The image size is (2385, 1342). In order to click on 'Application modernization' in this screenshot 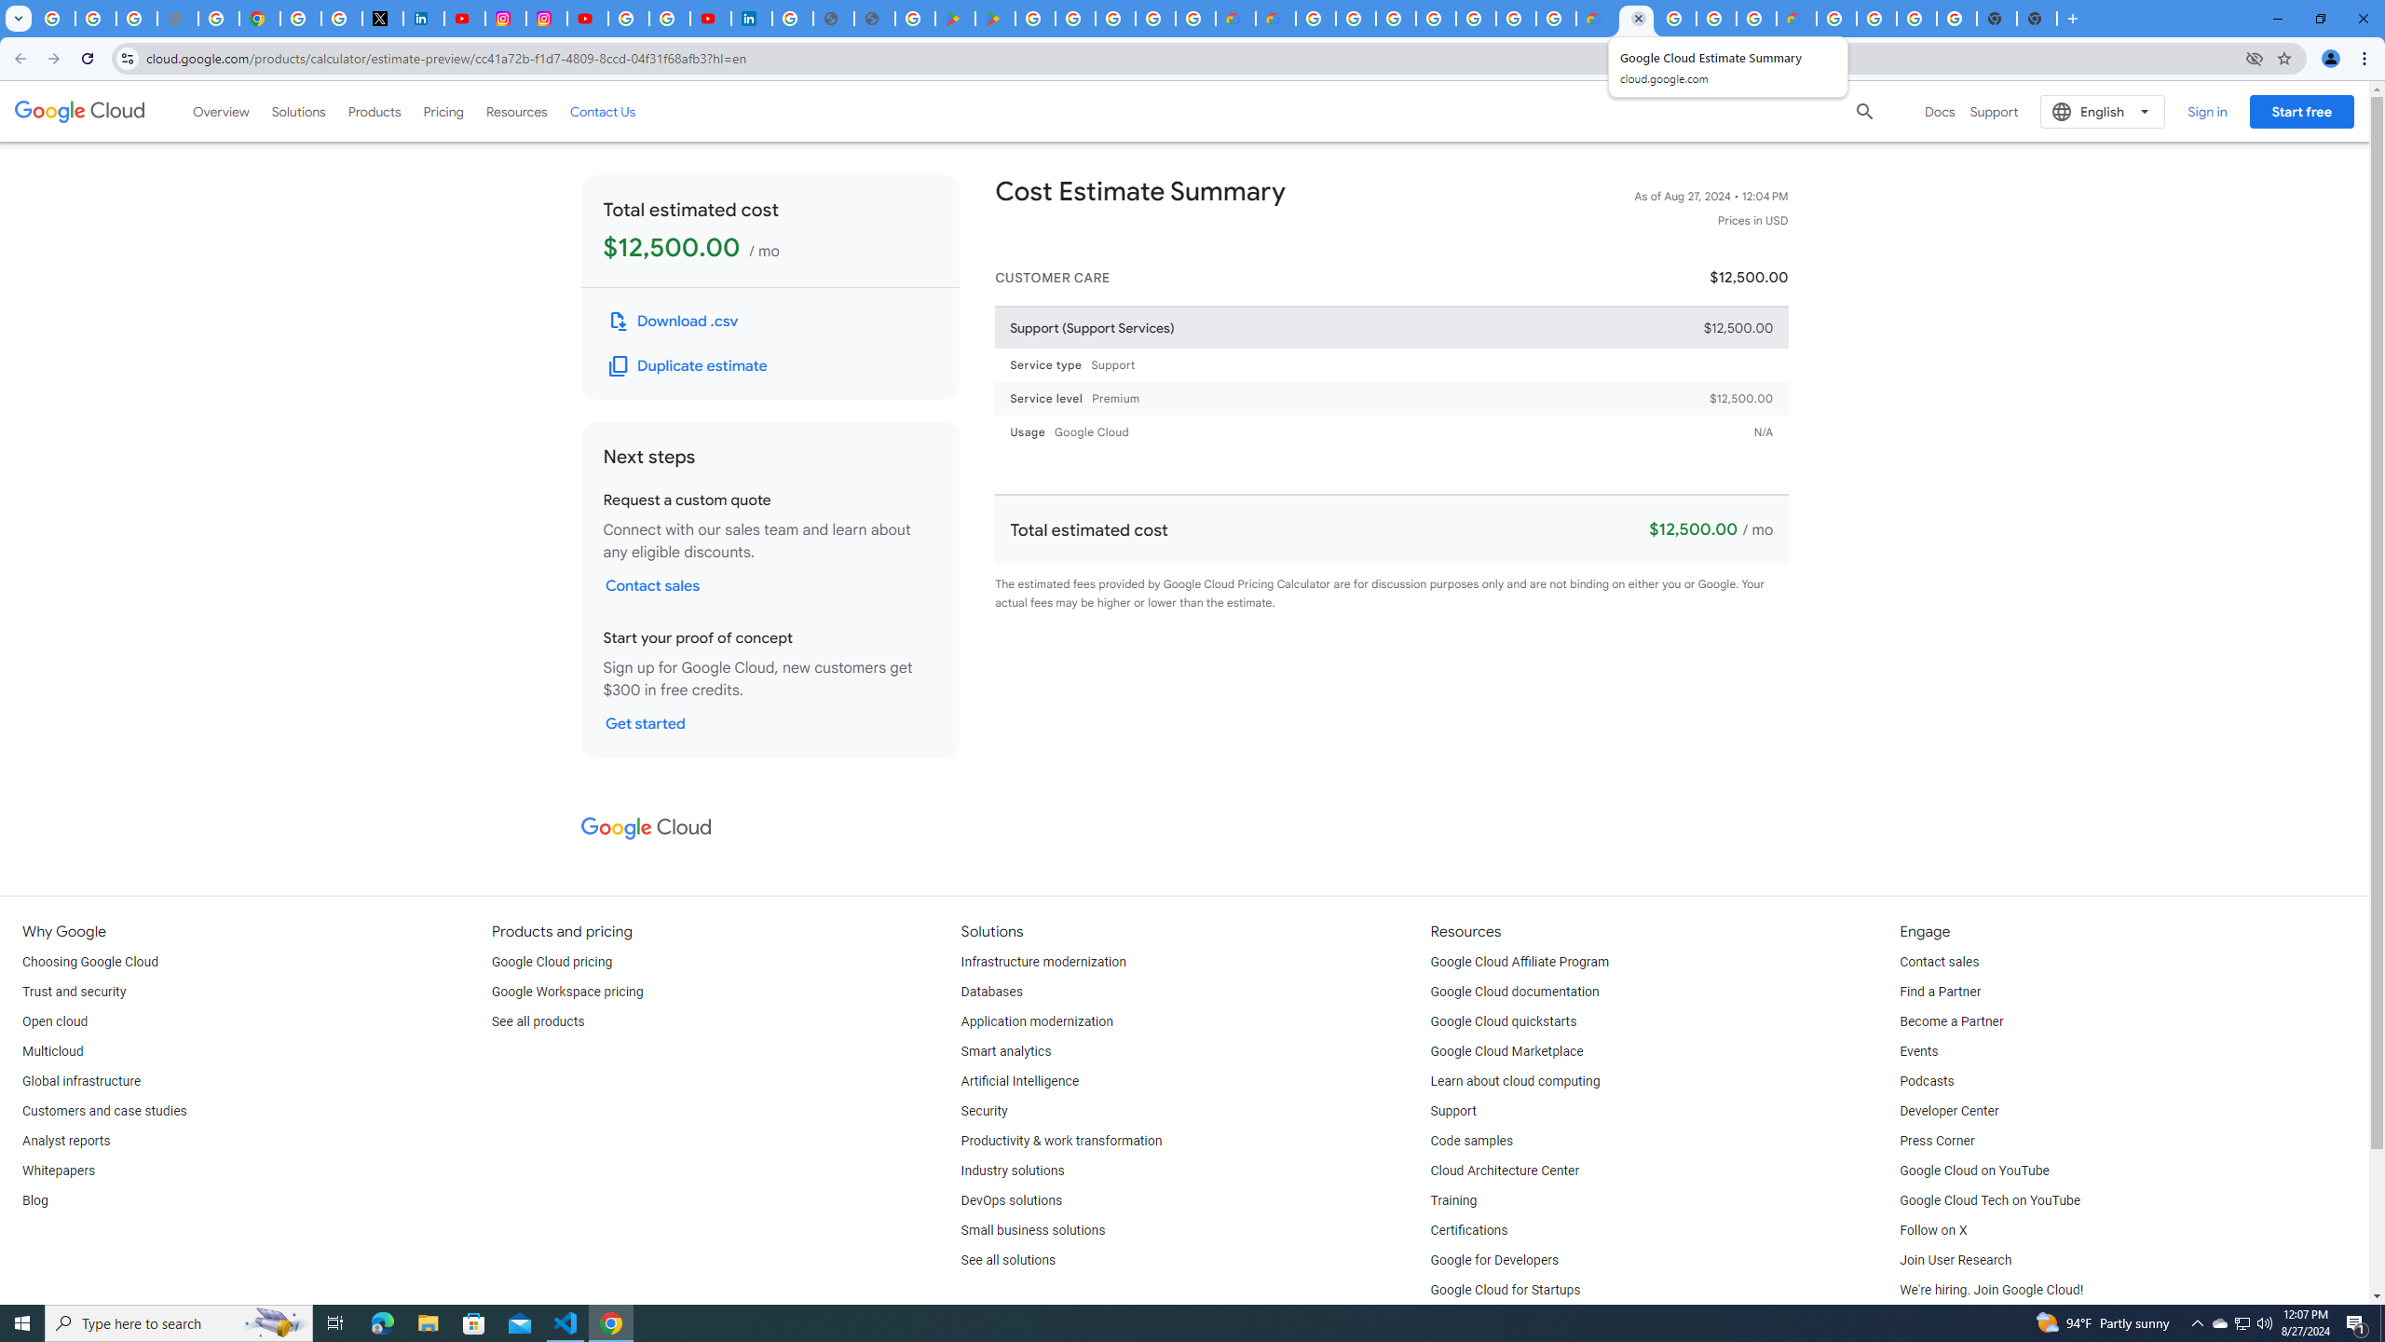, I will do `click(1036, 1021)`.